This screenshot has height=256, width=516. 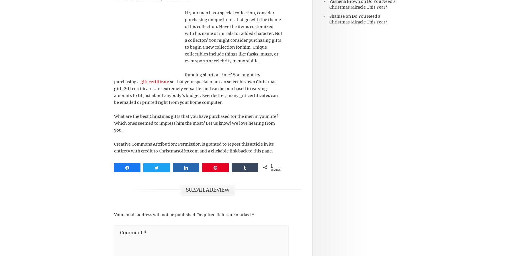 I want to click on '1', so click(x=271, y=166).